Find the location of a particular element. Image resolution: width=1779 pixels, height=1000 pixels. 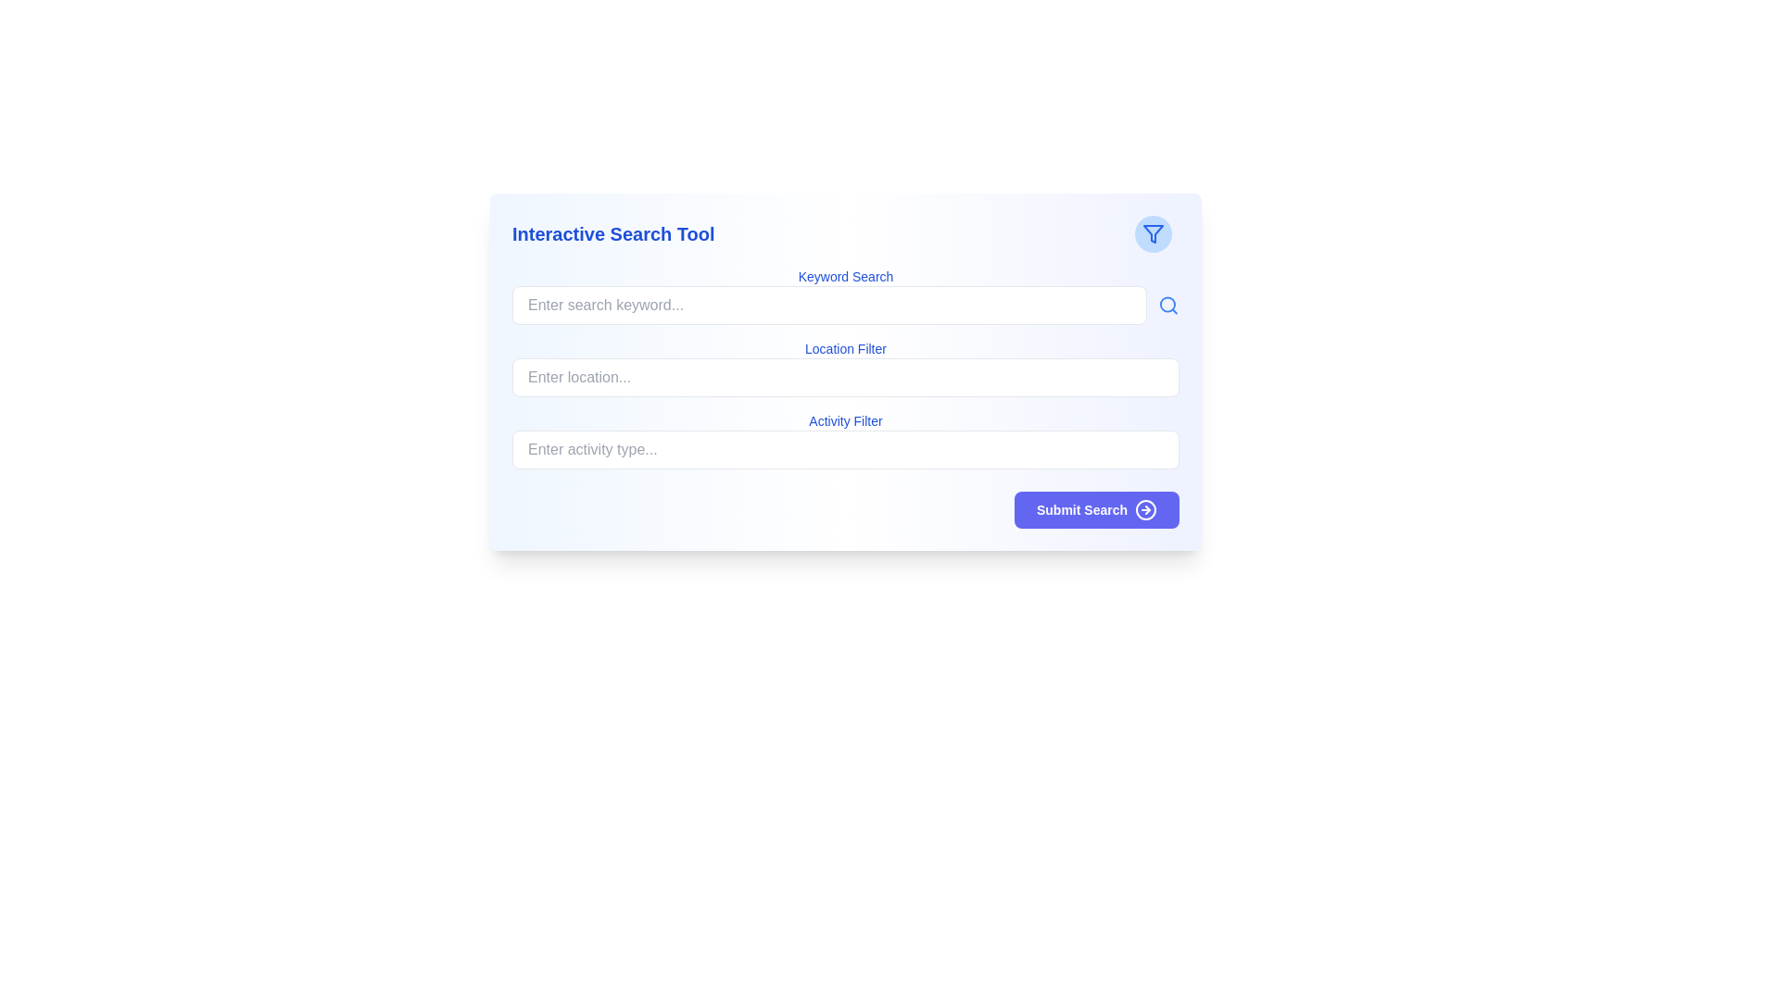

the blue funnel icon located in the top right corner of the interface is located at coordinates (1152, 233).